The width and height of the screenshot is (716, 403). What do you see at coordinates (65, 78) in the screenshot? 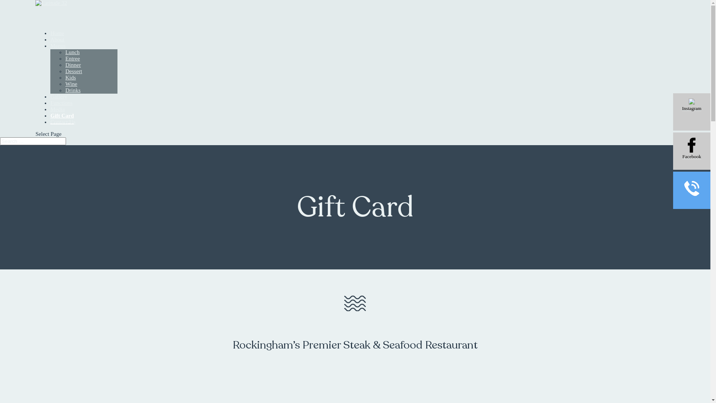
I see `'Kids'` at bounding box center [65, 78].